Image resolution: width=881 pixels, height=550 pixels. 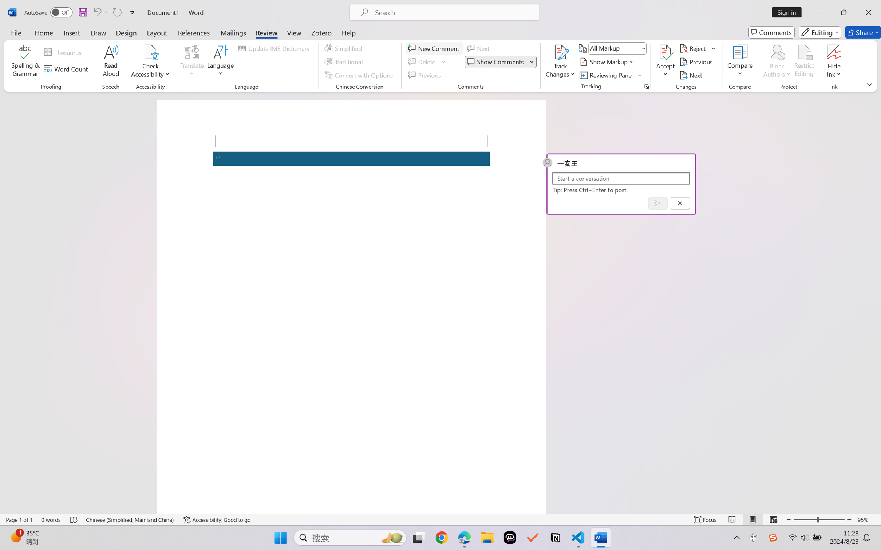 I want to click on 'Spelling & Grammar', so click(x=25, y=62).